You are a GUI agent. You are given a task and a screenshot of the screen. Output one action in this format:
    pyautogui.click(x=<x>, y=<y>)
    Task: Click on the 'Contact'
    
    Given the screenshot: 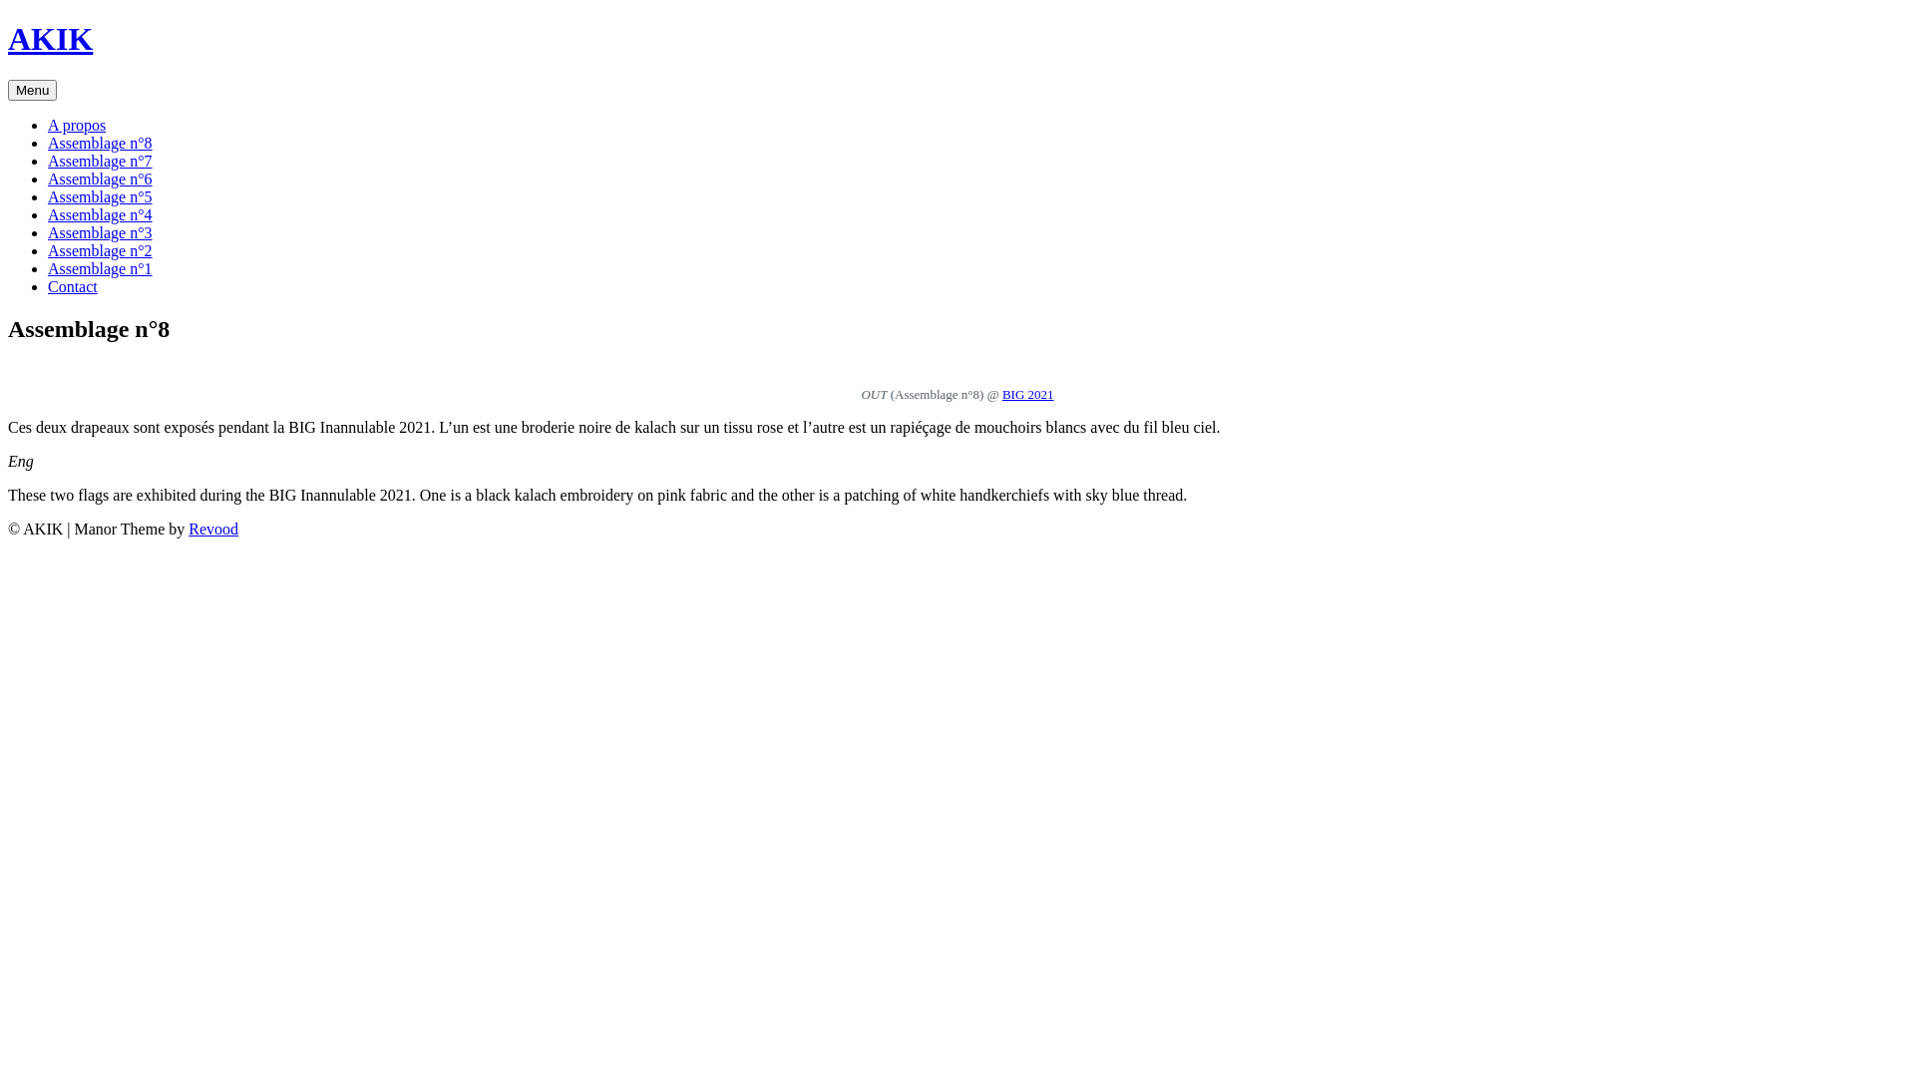 What is the action you would take?
    pyautogui.click(x=72, y=286)
    